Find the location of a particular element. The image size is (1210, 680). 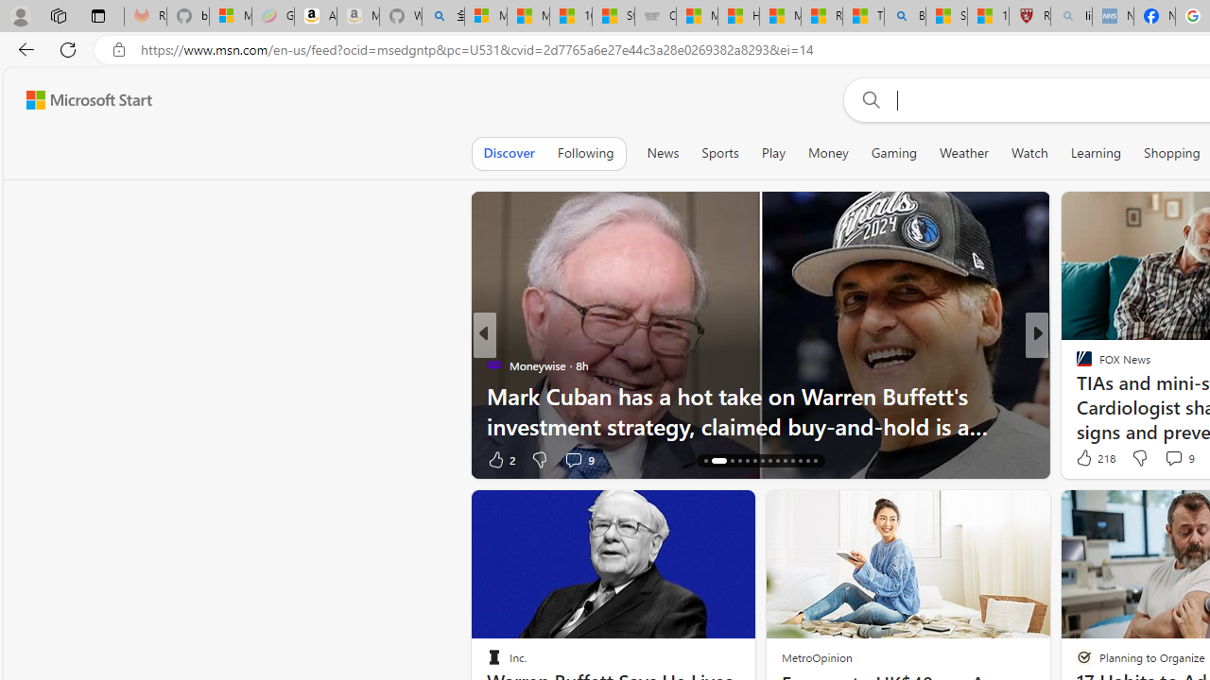

'View comments 66 Comment' is located at coordinates (1175, 459).